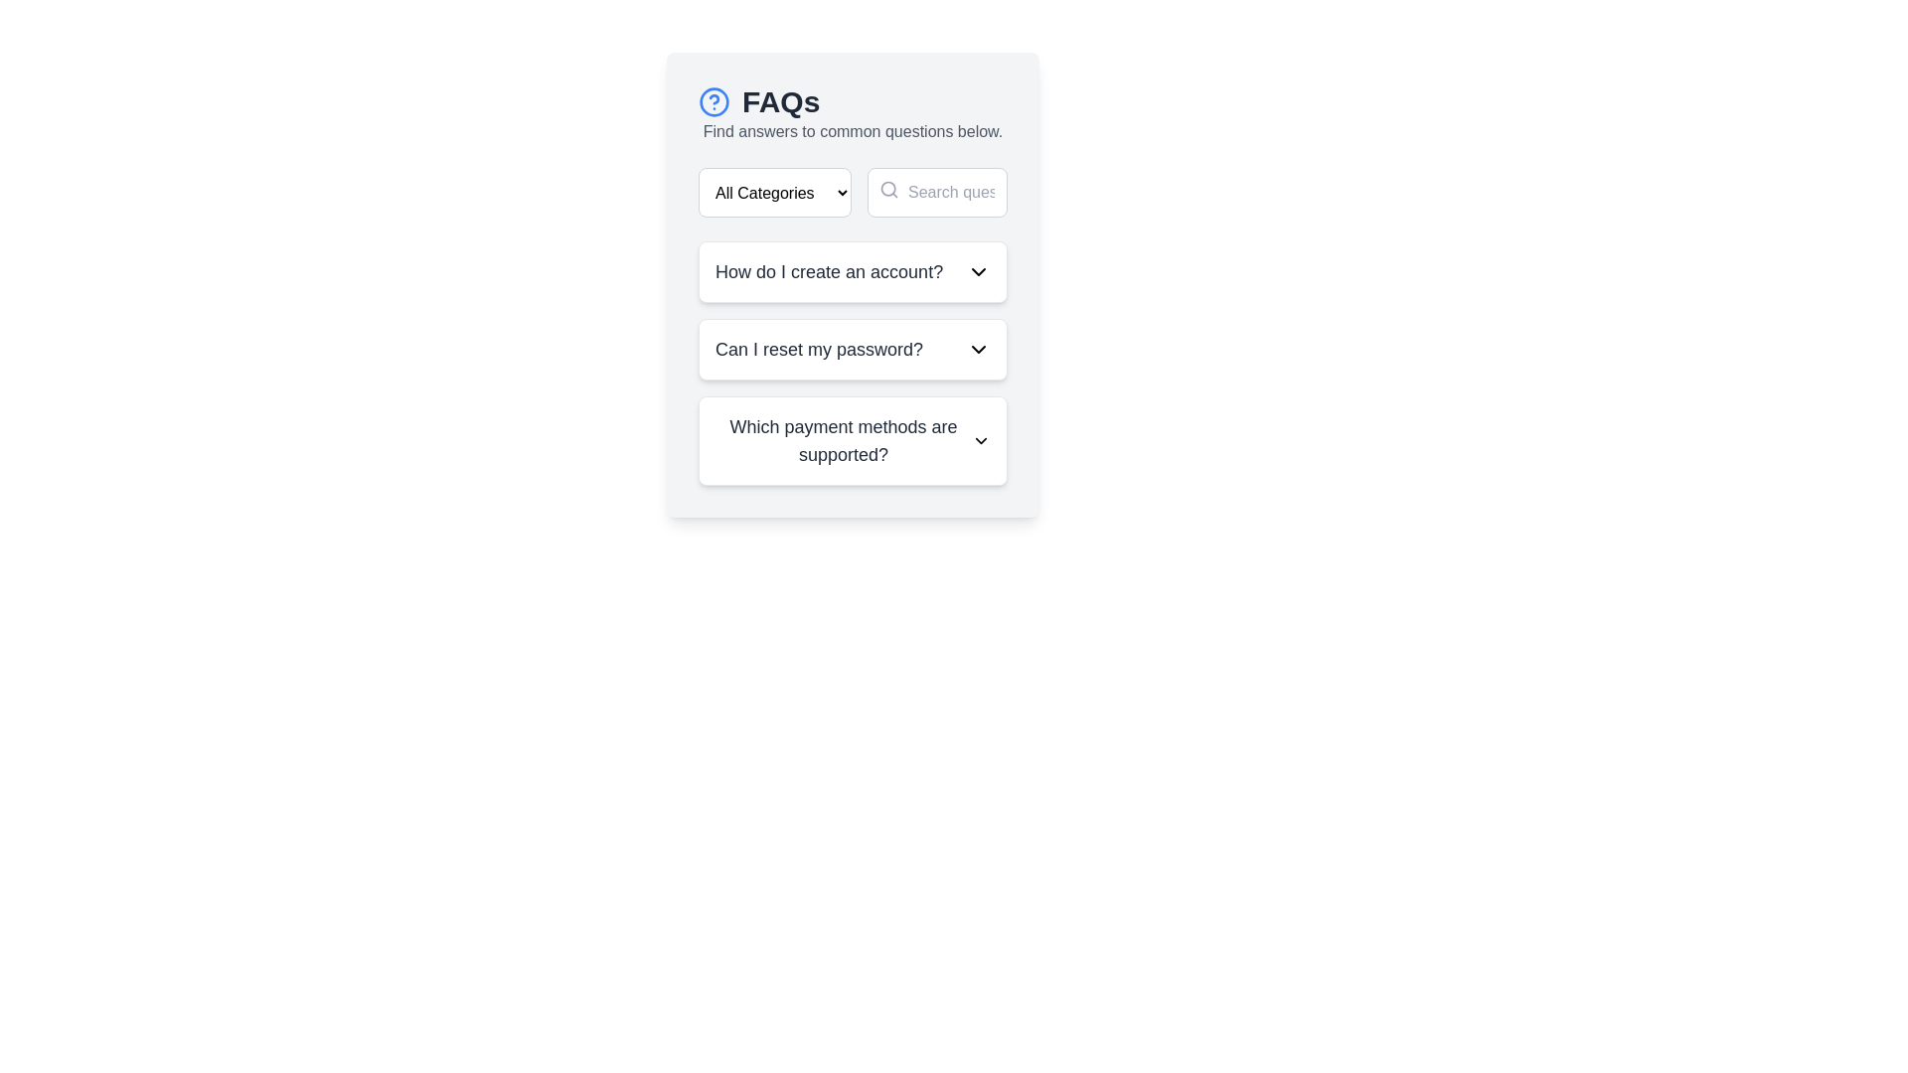 Image resolution: width=1908 pixels, height=1073 pixels. Describe the element at coordinates (853, 439) in the screenshot. I see `the interactive text 'Which payment methods are supported?'` at that location.